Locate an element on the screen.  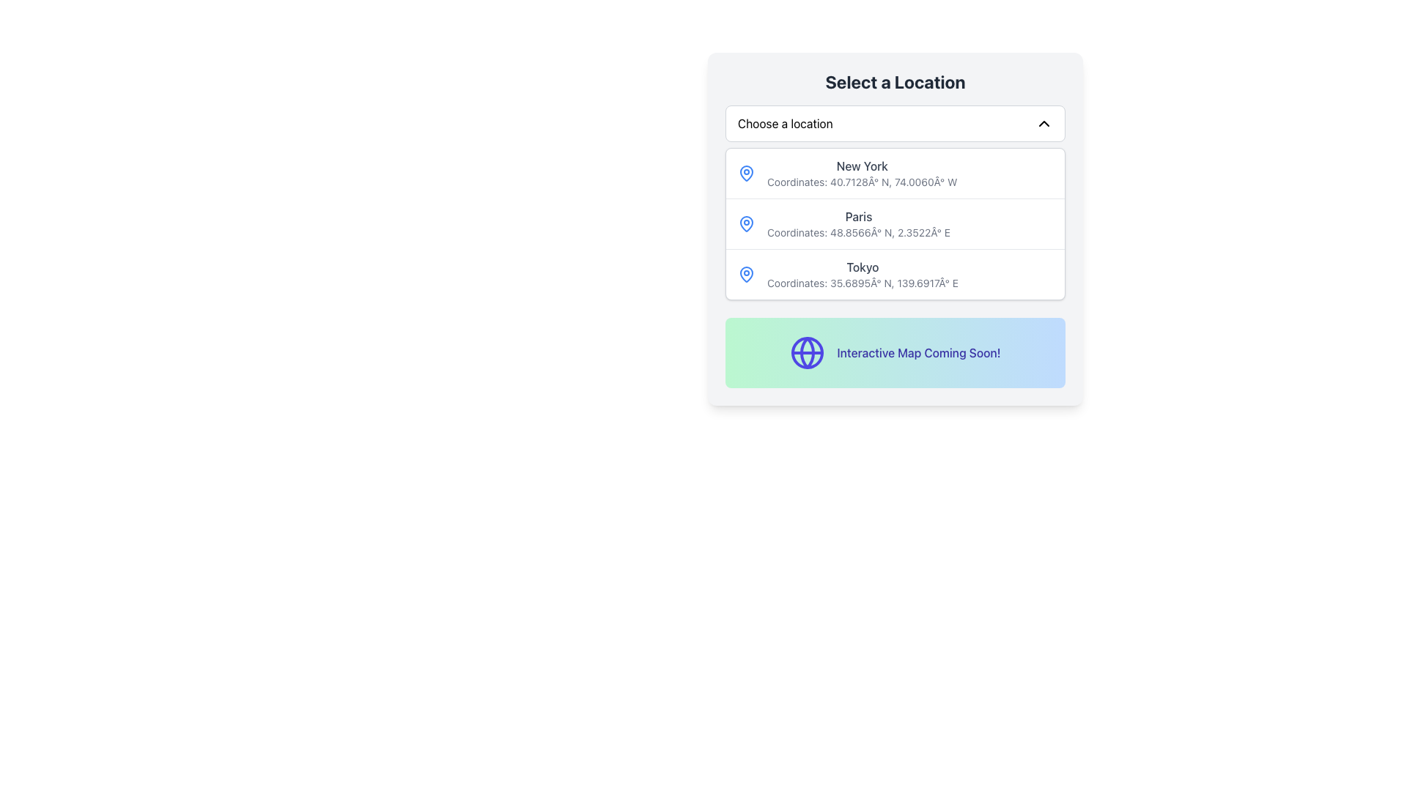
the first selectable option in the list that displays 'New York' and its coordinates is located at coordinates (895, 172).